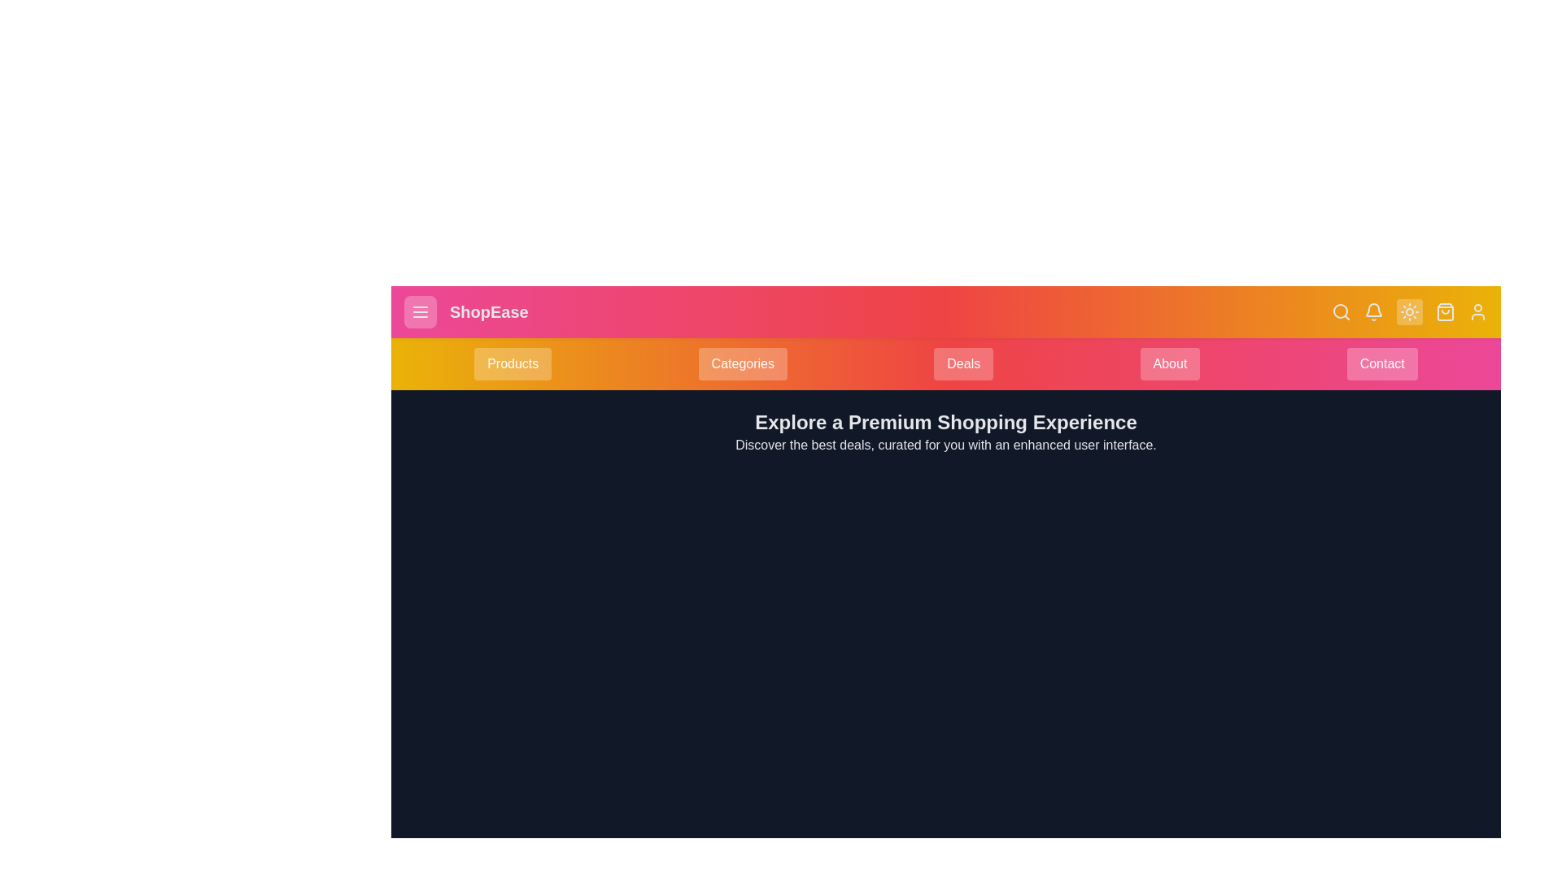 This screenshot has width=1562, height=878. Describe the element at coordinates (945, 432) in the screenshot. I see `the main content text for reading or copying` at that location.